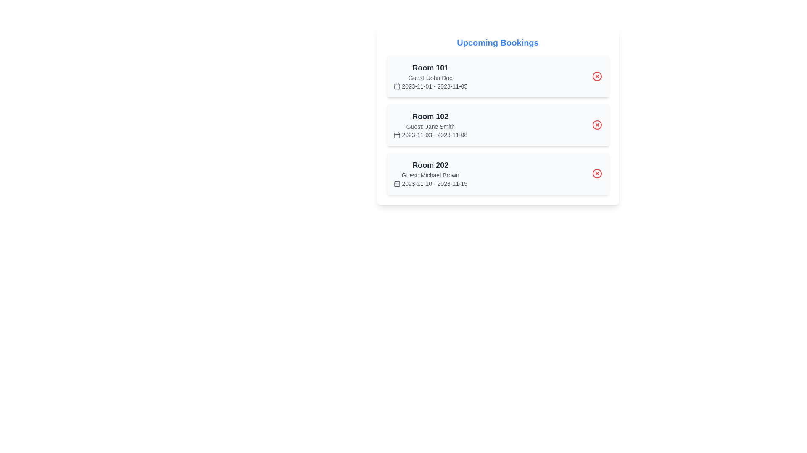 This screenshot has width=807, height=453. Describe the element at coordinates (396, 183) in the screenshot. I see `the central rectangle of the calendar icon representing a date or schedule in the 'Upcoming Bookings' section for 'Room 202'` at that location.